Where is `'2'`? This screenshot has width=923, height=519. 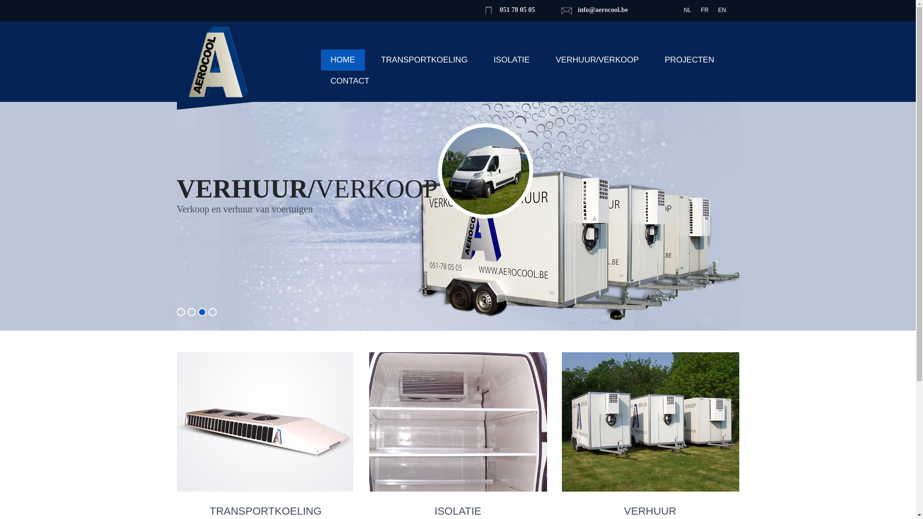 '2' is located at coordinates (191, 312).